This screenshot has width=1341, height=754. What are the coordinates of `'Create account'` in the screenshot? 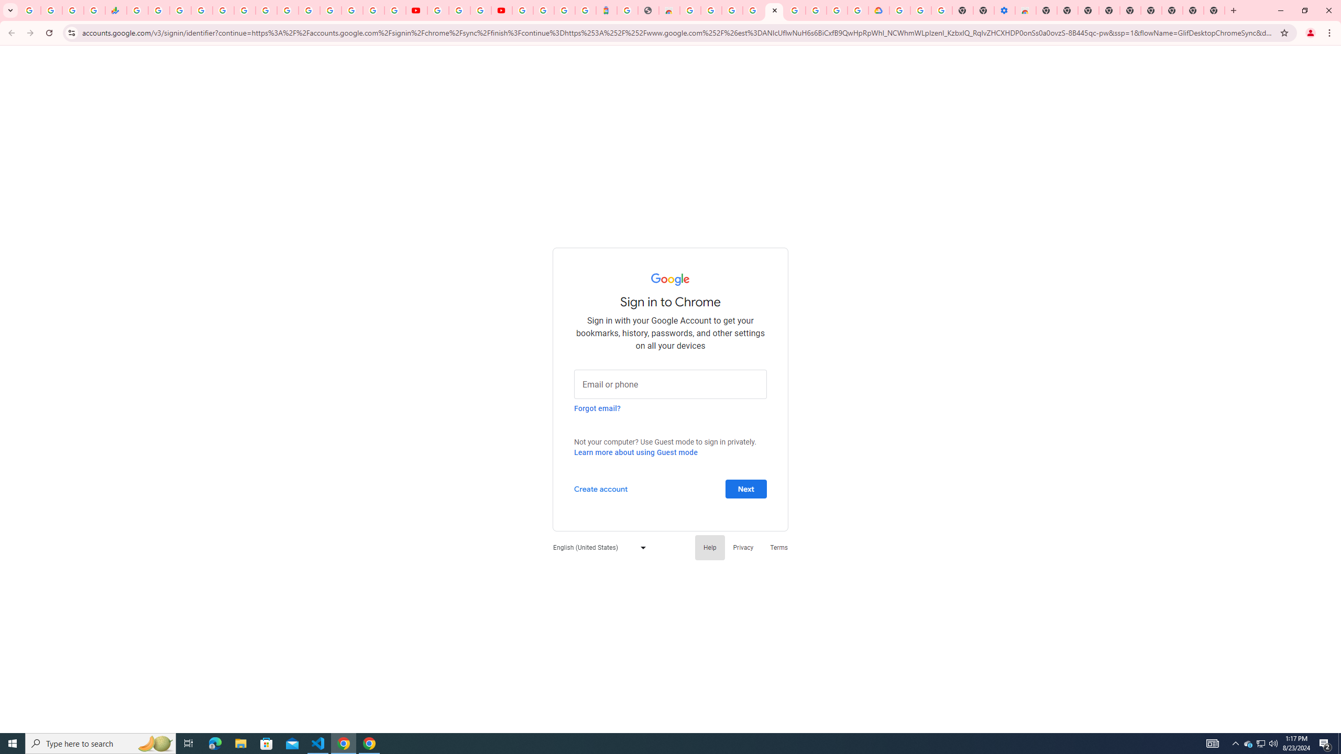 It's located at (600, 488).